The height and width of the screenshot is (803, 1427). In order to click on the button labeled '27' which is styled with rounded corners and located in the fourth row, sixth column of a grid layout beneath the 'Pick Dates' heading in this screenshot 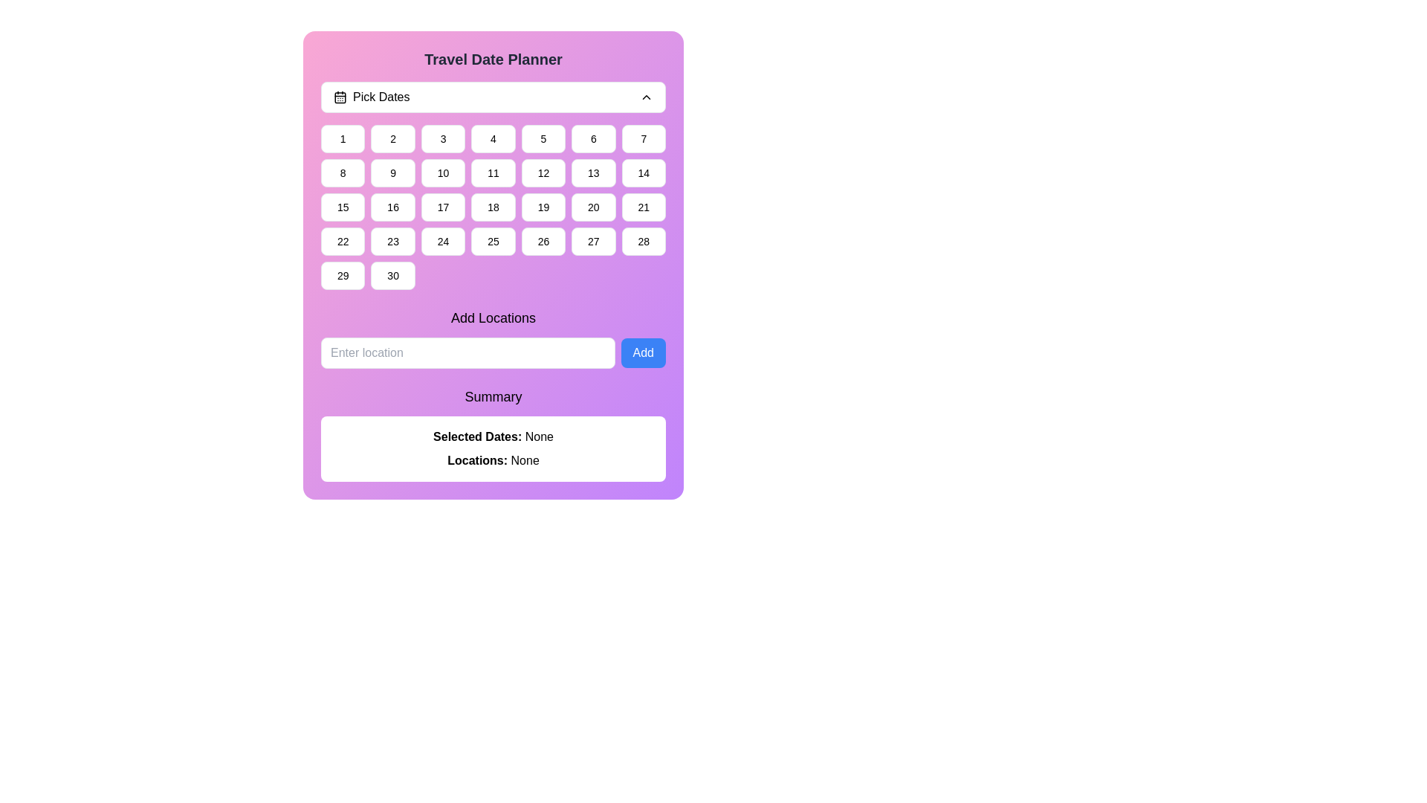, I will do `click(592, 240)`.